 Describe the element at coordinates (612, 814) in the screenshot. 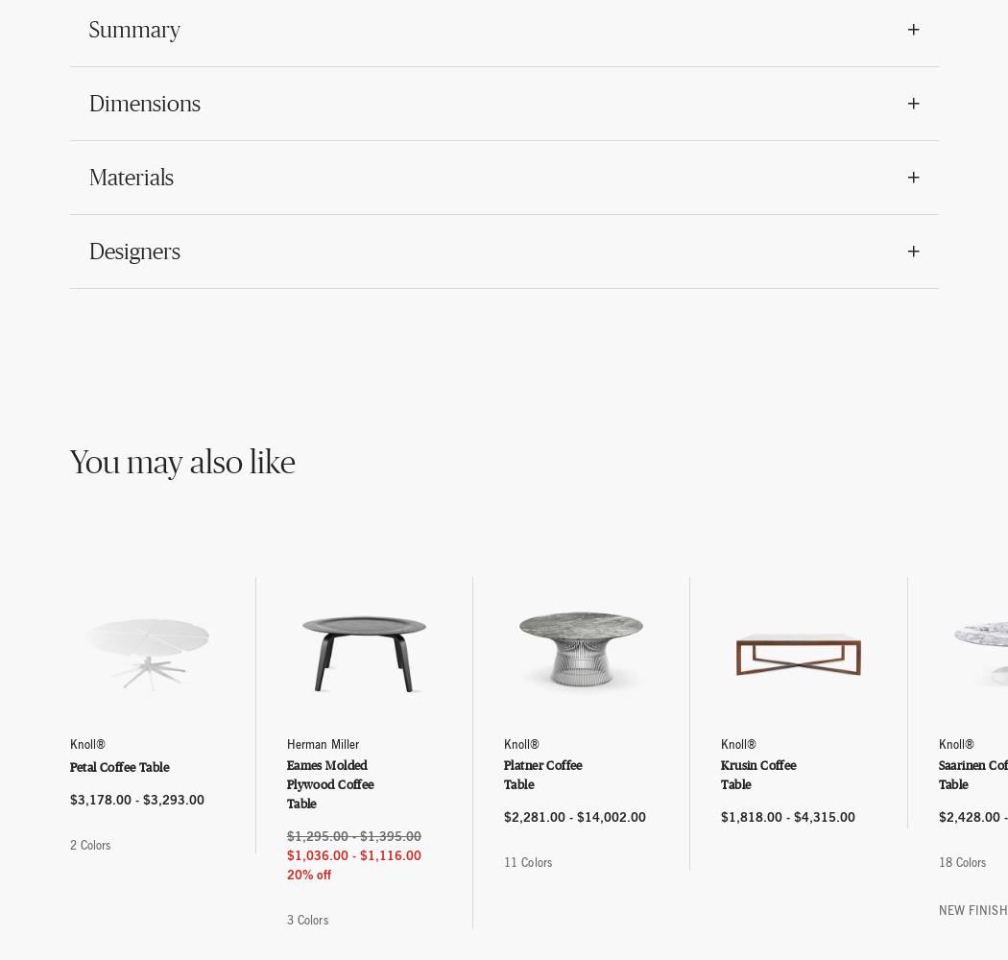

I see `'$14,002.00'` at that location.